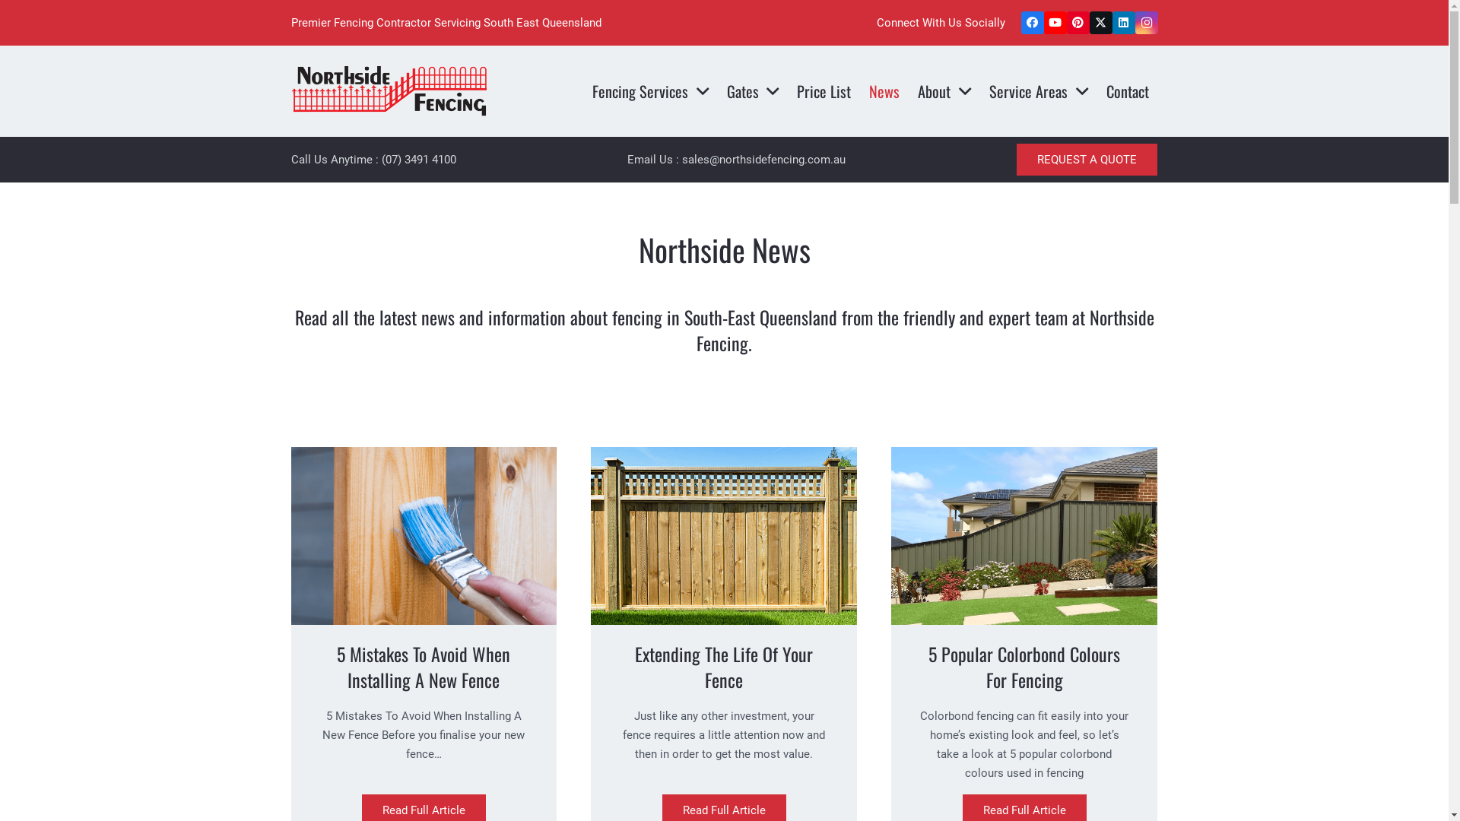  Describe the element at coordinates (1032, 23) in the screenshot. I see `'Facebook'` at that location.